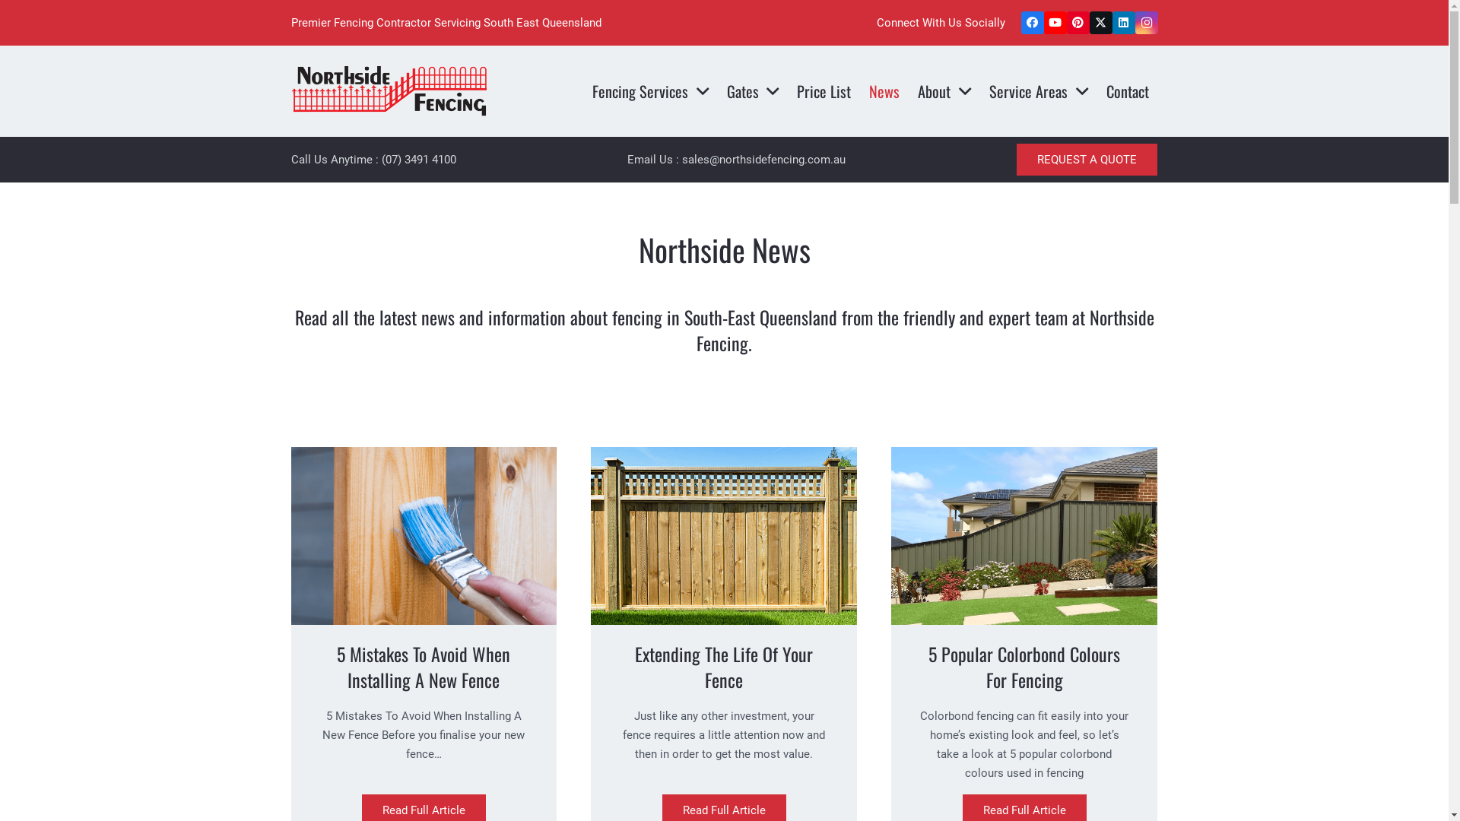  Describe the element at coordinates (1032, 23) in the screenshot. I see `'Facebook'` at that location.